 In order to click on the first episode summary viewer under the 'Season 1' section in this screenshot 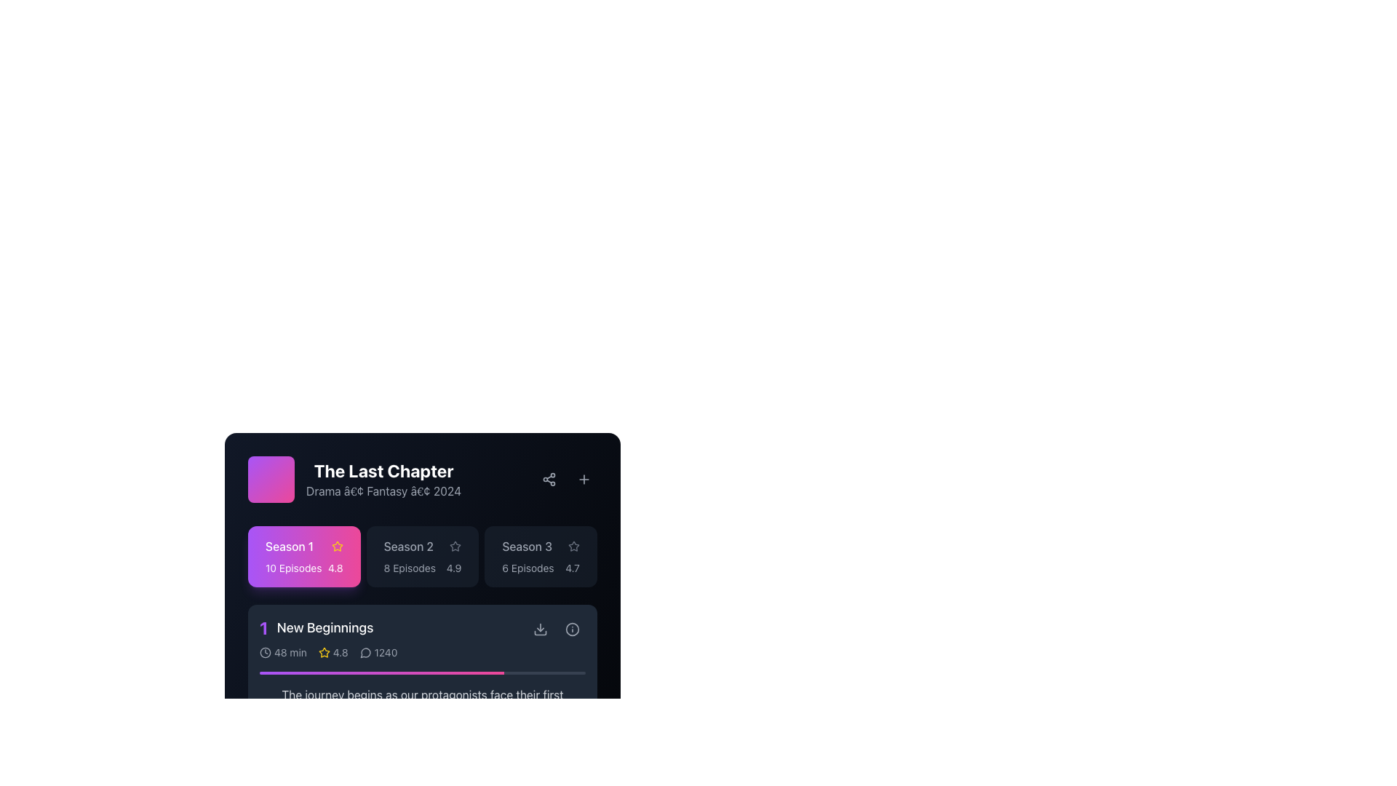, I will do `click(421, 637)`.